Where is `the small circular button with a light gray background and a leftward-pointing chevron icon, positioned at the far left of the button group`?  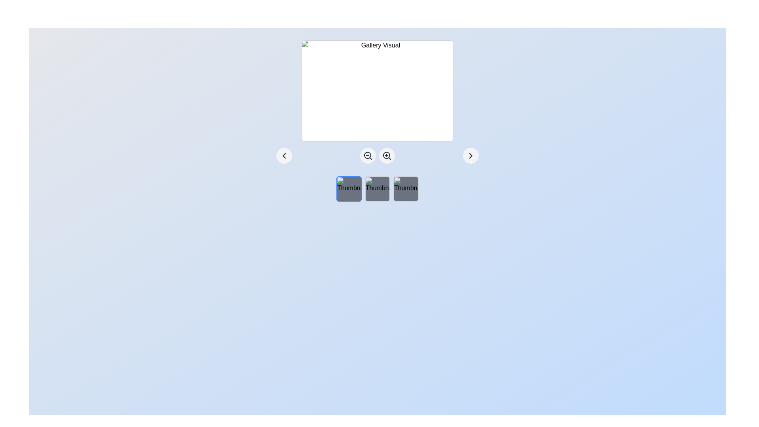
the small circular button with a light gray background and a leftward-pointing chevron icon, positioned at the far left of the button group is located at coordinates (284, 155).